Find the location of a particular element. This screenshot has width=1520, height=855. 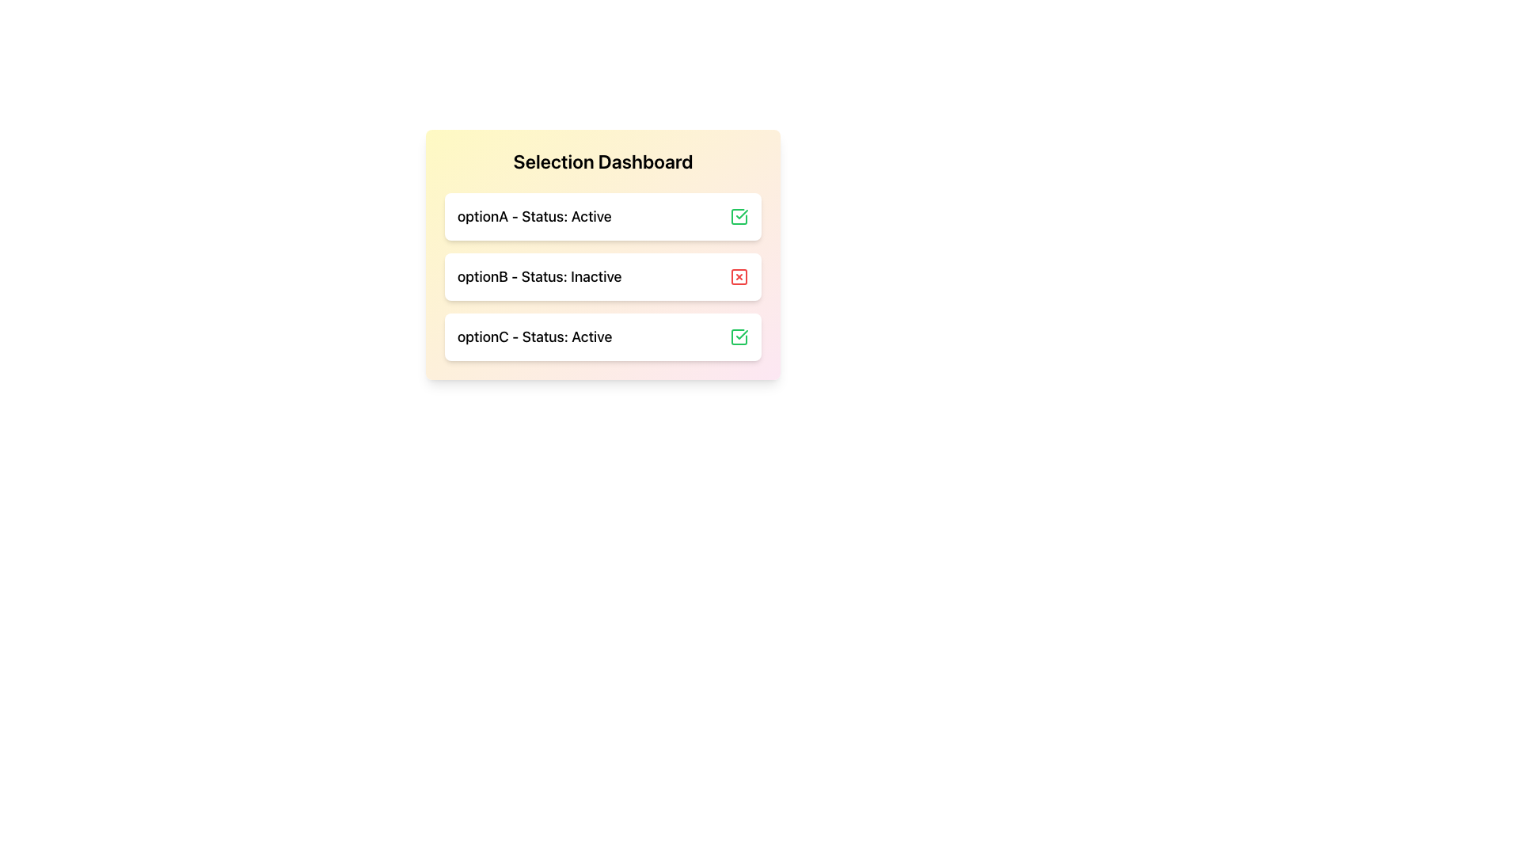

the third item in the vertically arranged list under 'Selection Dashboard' that is marked as 'Active' is located at coordinates (602, 336).